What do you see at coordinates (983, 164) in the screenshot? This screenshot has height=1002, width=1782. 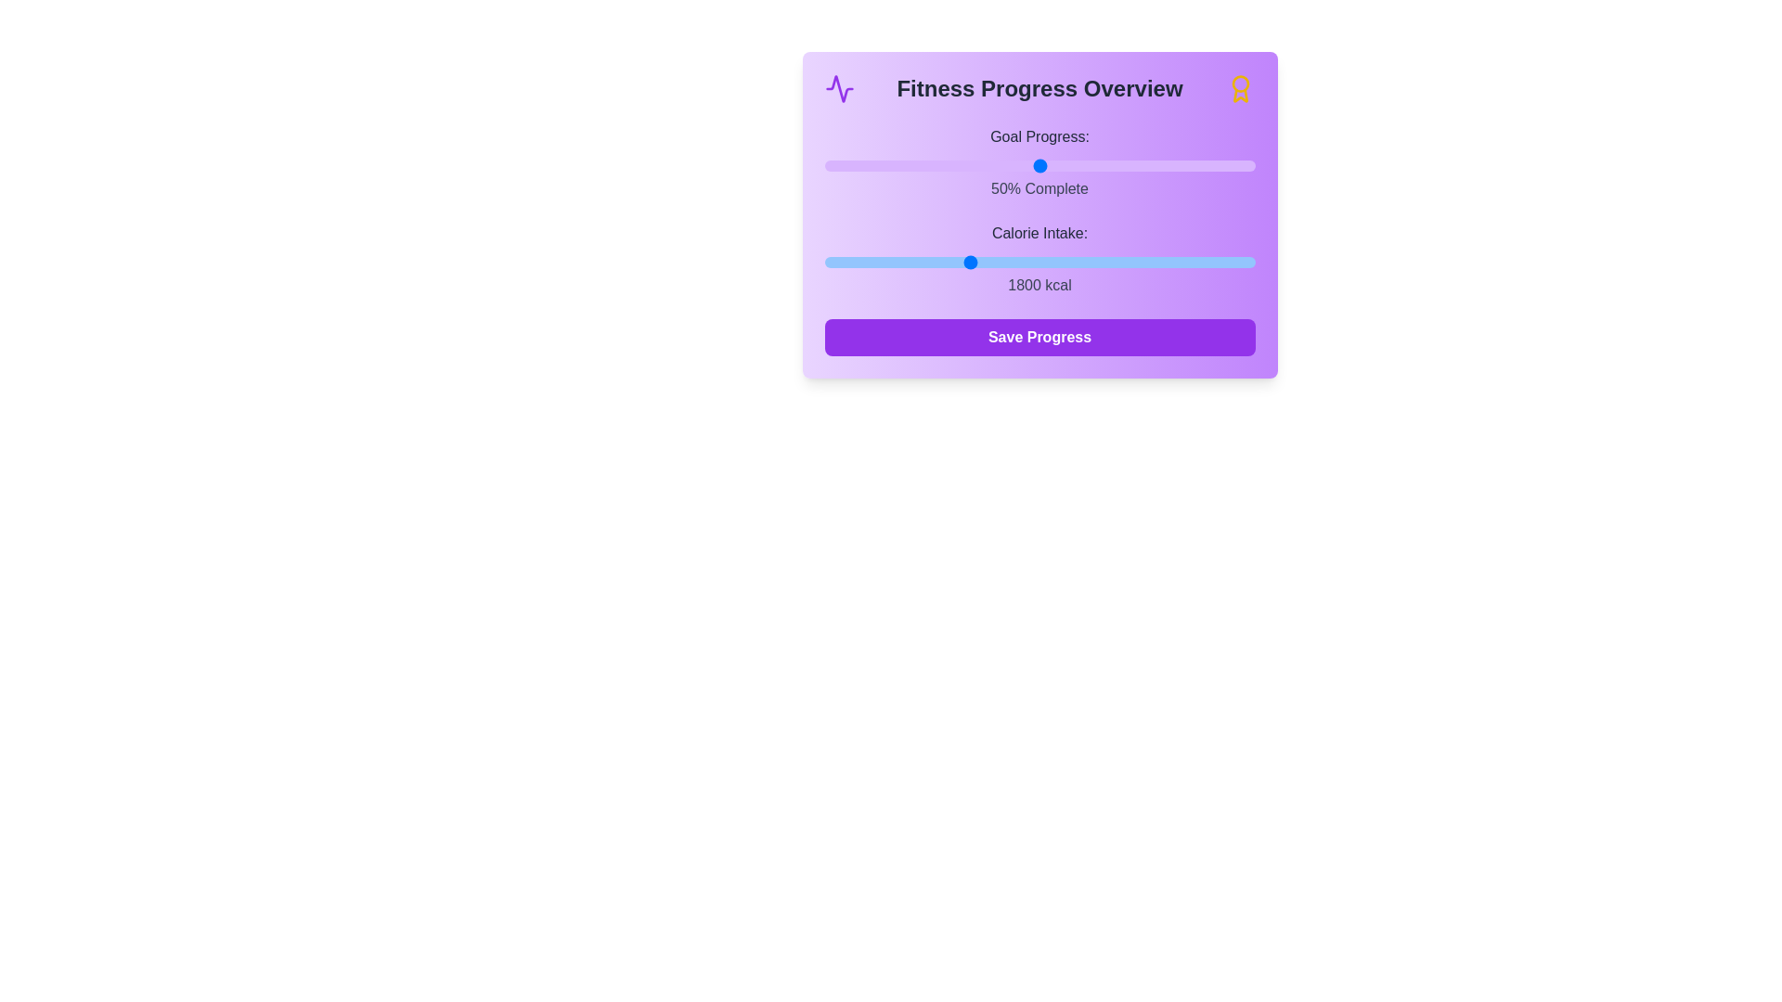 I see `progress` at bounding box center [983, 164].